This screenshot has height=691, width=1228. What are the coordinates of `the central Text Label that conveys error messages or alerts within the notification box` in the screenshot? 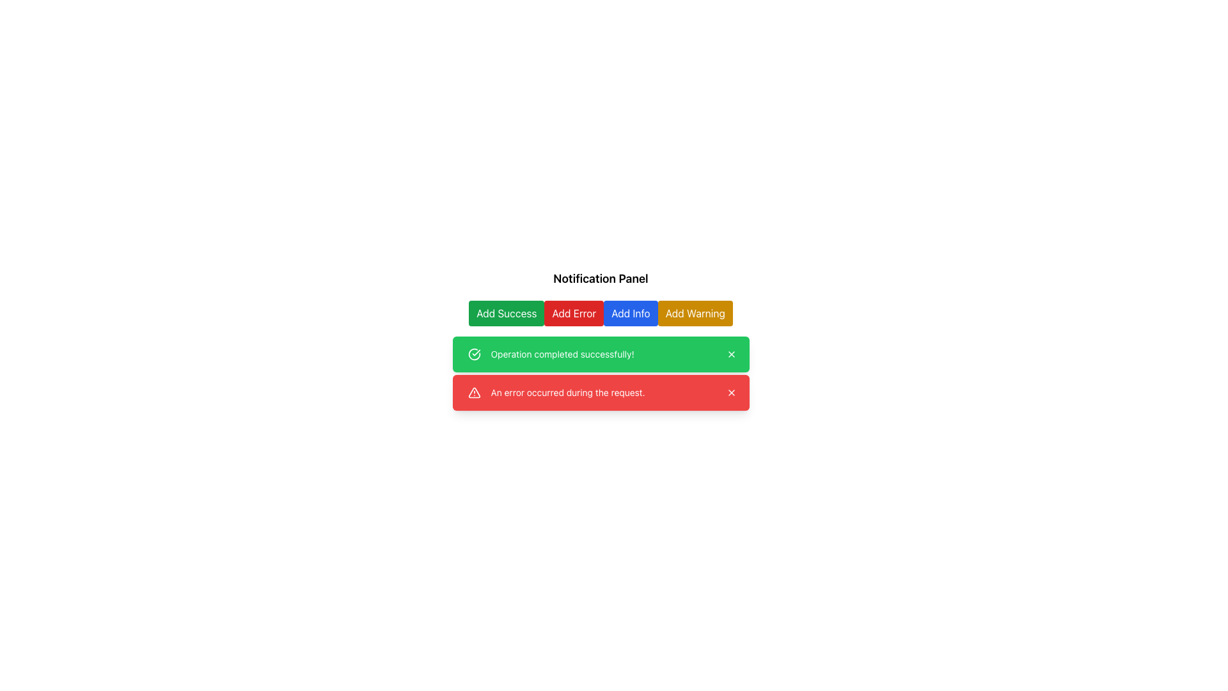 It's located at (567, 392).